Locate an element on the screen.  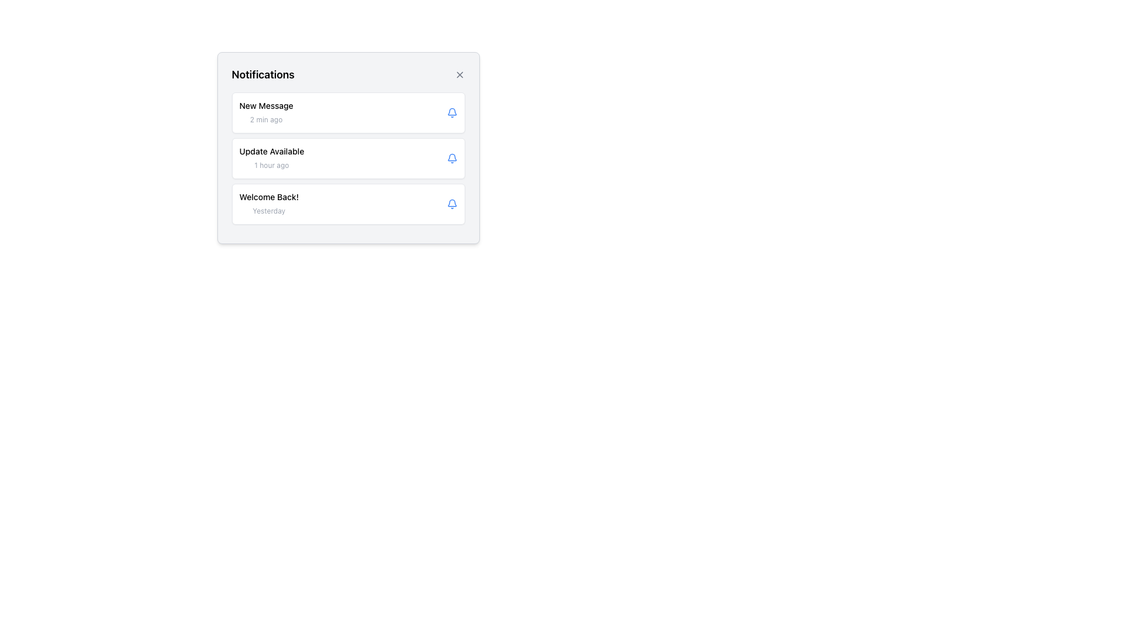
the bell icon SVG element, which serves as a visual indicator for notifications within the 'Welcome Back!' notification row is located at coordinates (451, 202).